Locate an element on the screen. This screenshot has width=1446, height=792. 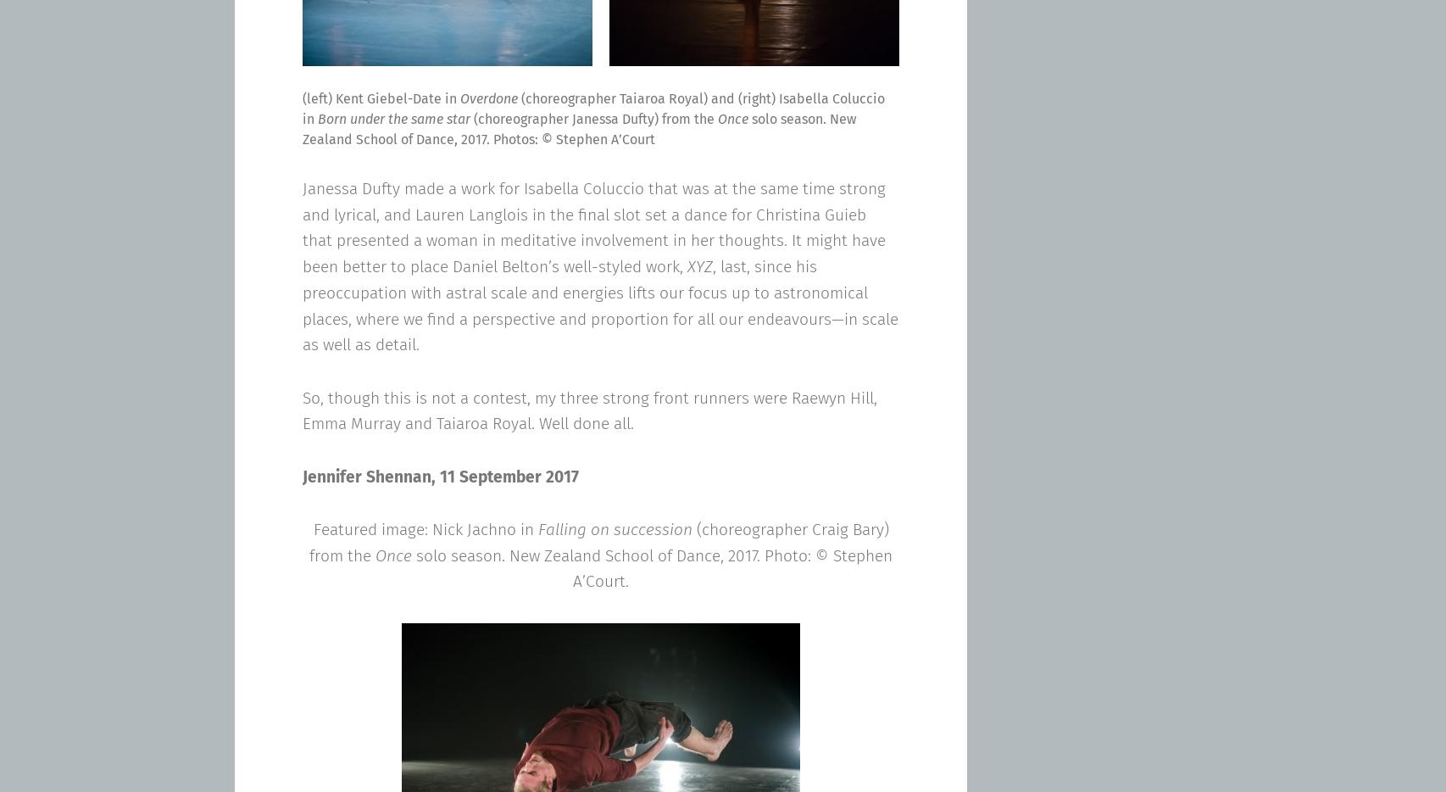
'solo season. New Zealand School of Dance, 2017. Photos: © Stephen A’Court' is located at coordinates (578, 129).